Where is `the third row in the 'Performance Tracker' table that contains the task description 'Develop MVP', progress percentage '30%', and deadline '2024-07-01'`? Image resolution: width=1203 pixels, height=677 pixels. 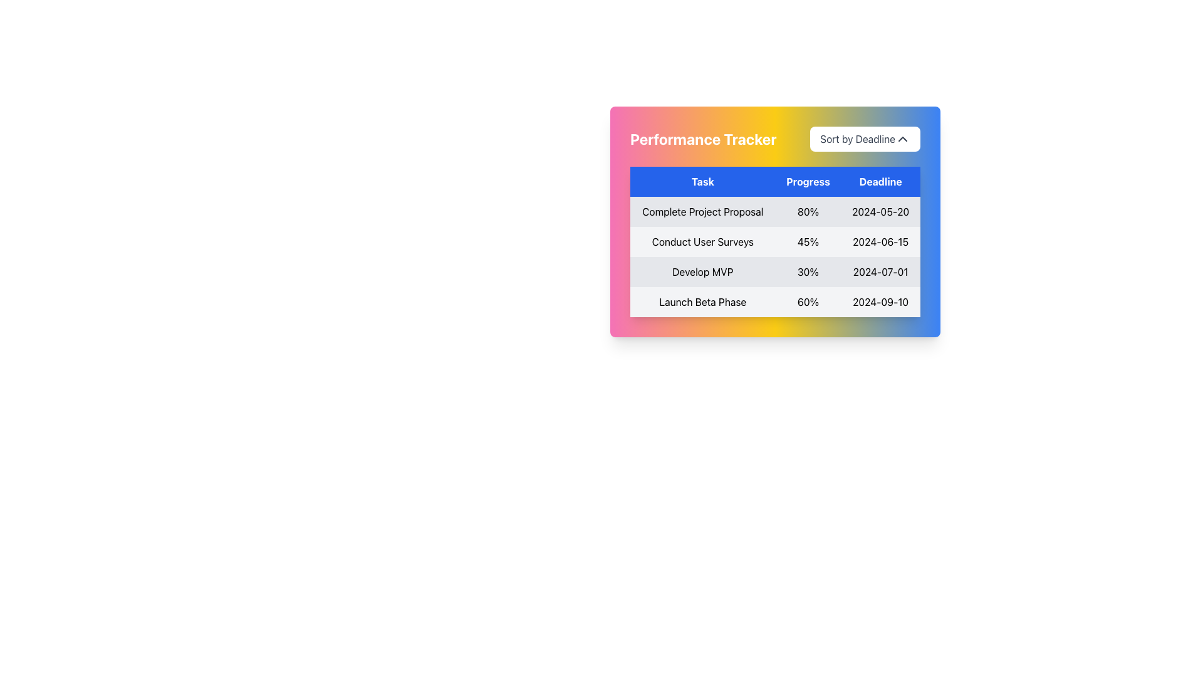 the third row in the 'Performance Tracker' table that contains the task description 'Develop MVP', progress percentage '30%', and deadline '2024-07-01' is located at coordinates (774, 271).